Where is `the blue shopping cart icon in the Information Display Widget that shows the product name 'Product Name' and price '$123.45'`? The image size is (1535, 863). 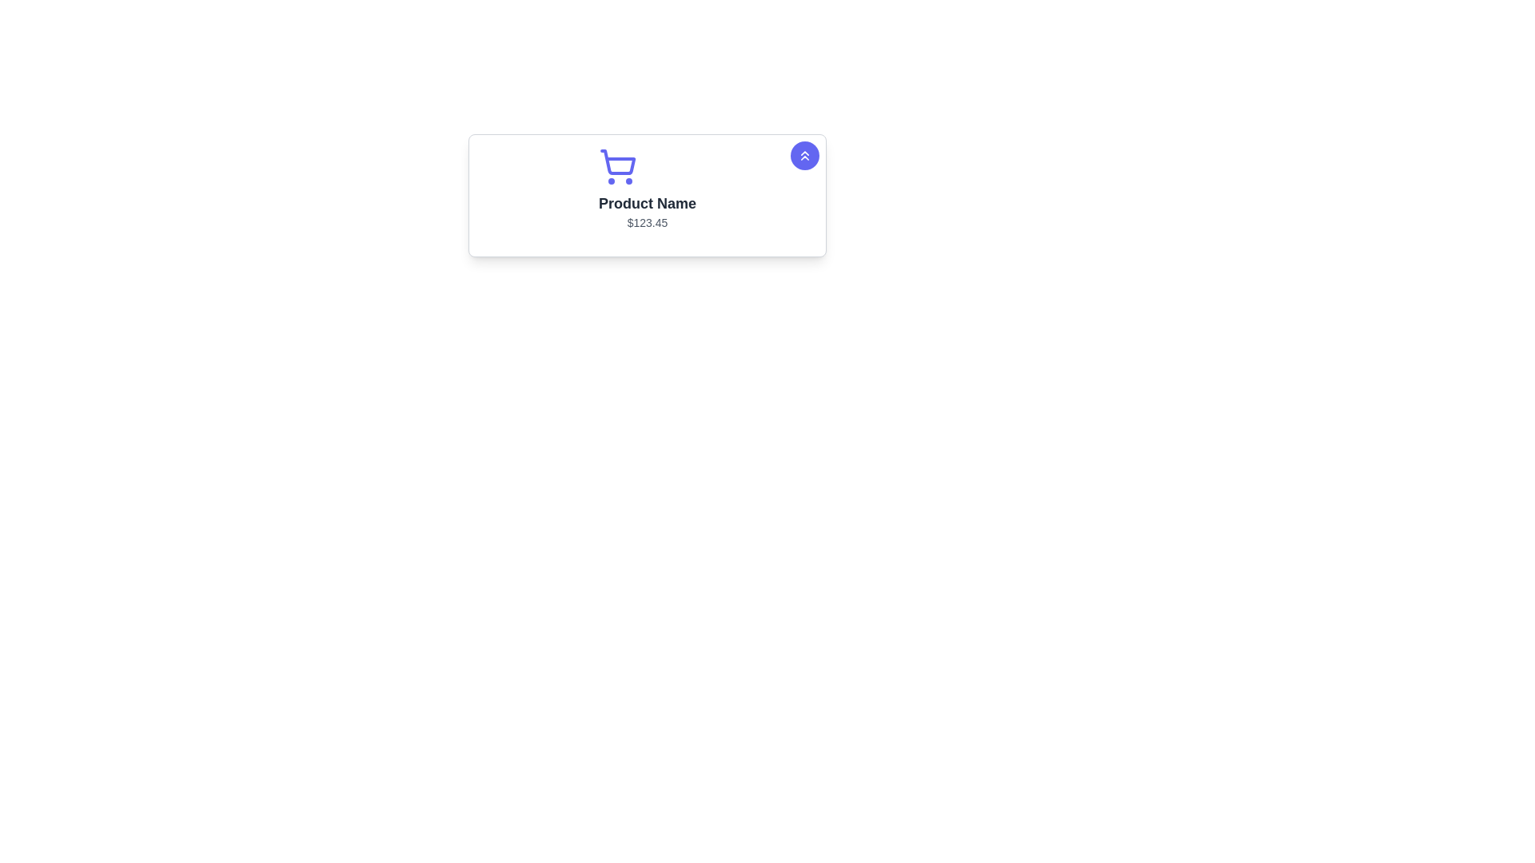 the blue shopping cart icon in the Information Display Widget that shows the product name 'Product Name' and price '$123.45' is located at coordinates (648, 195).